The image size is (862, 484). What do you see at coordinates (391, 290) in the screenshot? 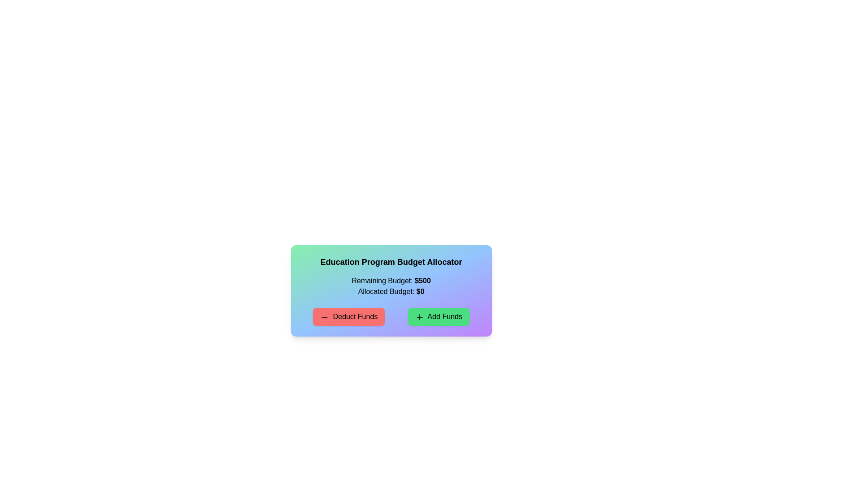
I see `the budget allocation panel` at bounding box center [391, 290].